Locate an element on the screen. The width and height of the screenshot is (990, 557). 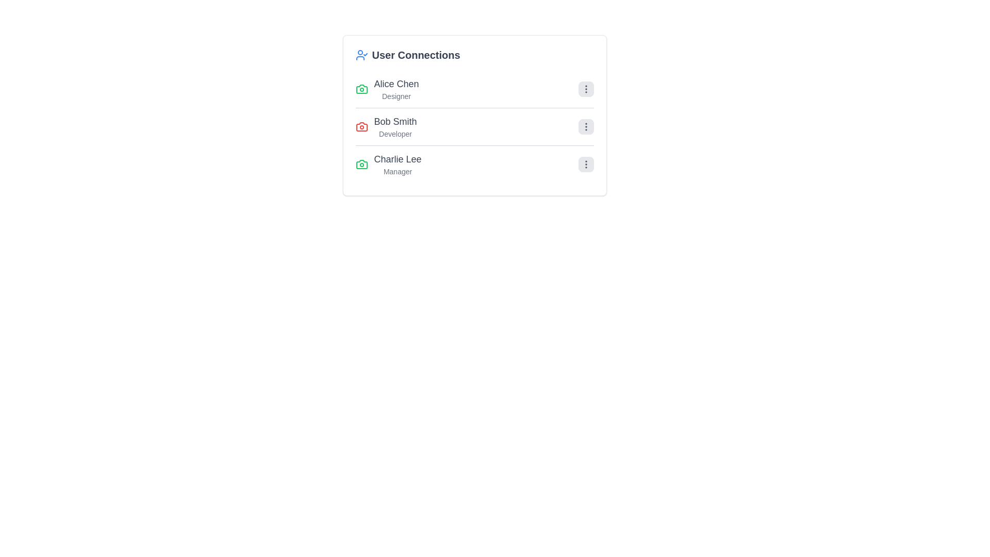
the text label displaying 'Developer', which is styled in a smaller gray font and located directly below 'Bob Smith' in the 'User Connections' section is located at coordinates (395, 133).